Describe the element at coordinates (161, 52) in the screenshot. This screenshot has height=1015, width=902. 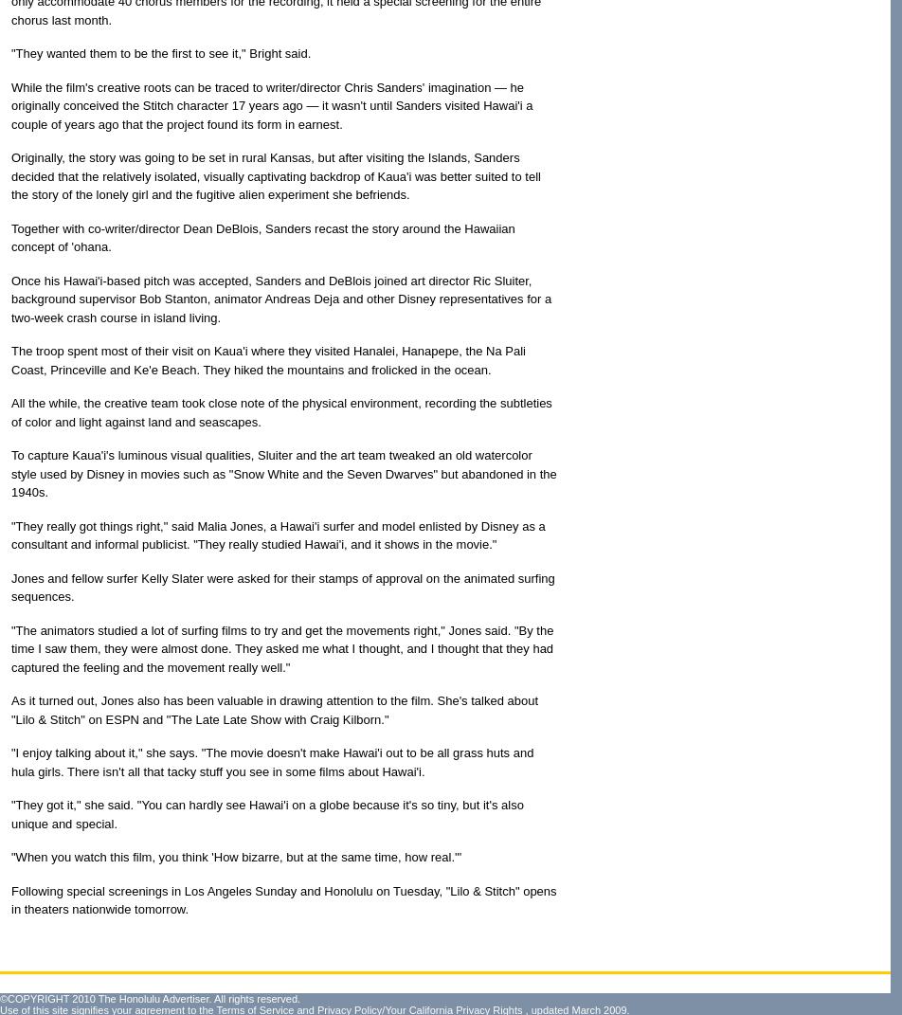
I see `'"They wanted them to be the first to see it," Bright said.'` at that location.